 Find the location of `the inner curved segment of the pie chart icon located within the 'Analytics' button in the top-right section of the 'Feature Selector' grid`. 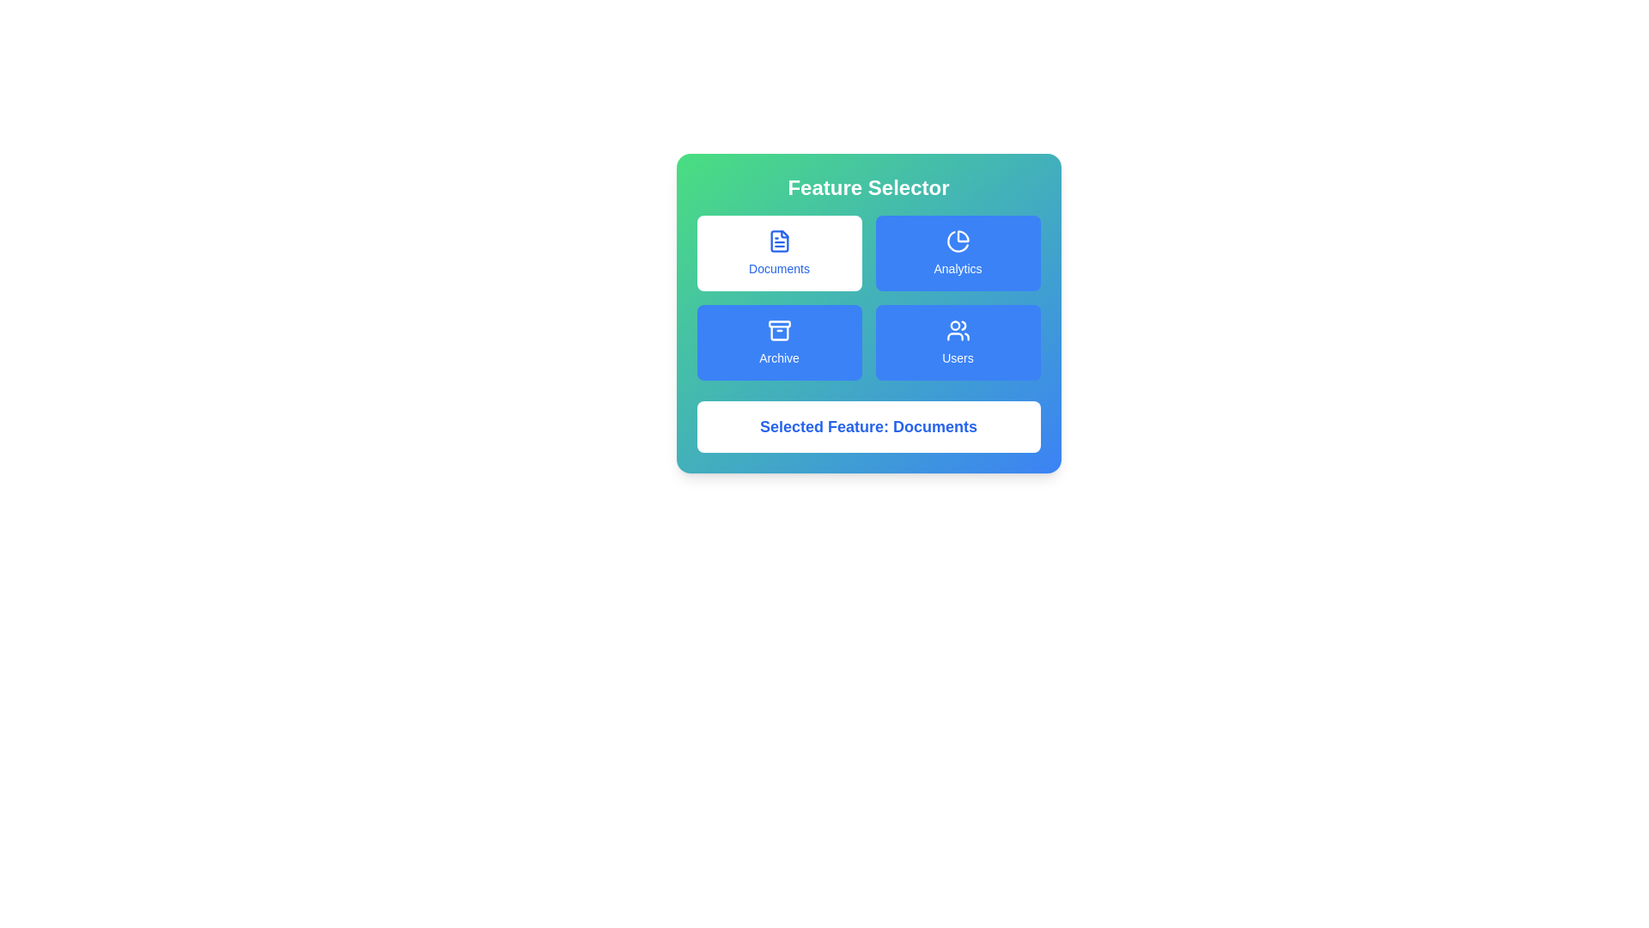

the inner curved segment of the pie chart icon located within the 'Analytics' button in the top-right section of the 'Feature Selector' grid is located at coordinates (963, 236).